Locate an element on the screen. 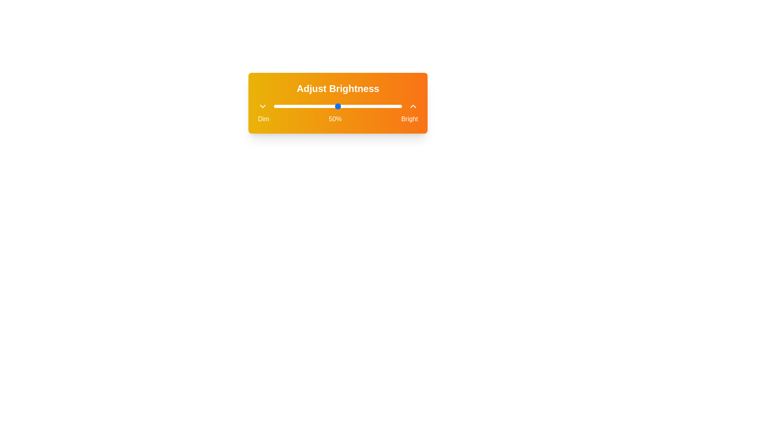 Image resolution: width=768 pixels, height=432 pixels. the chevron-shaped icon button resembling an upward-pointing arrow, which is white on an orange background, located in the top-right area beside the label 'Bright' is located at coordinates (413, 106).